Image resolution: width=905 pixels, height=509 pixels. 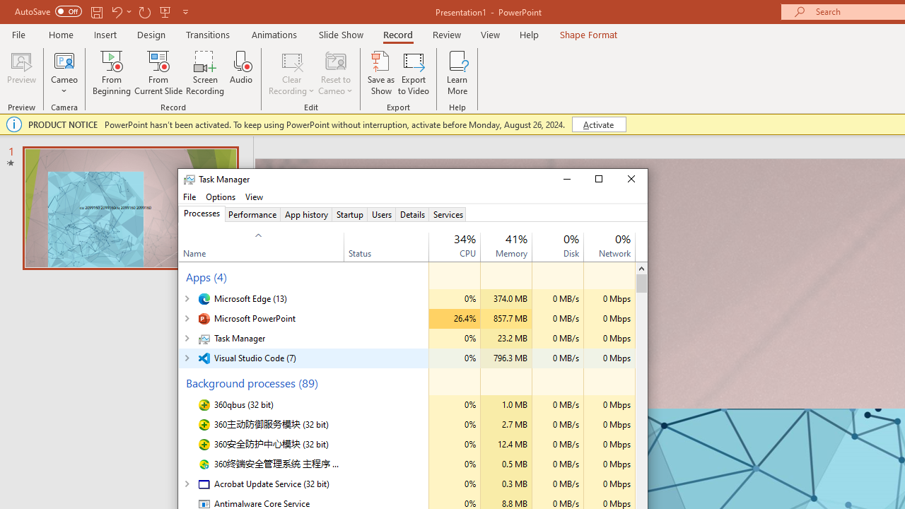 What do you see at coordinates (201, 214) in the screenshot?
I see `'Processes'` at bounding box center [201, 214].